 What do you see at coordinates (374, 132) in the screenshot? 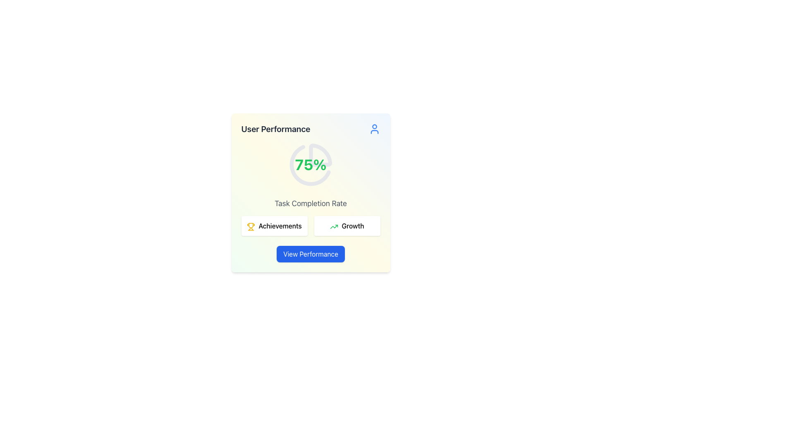
I see `the lower portion of the user profile icon located in the right-top corner of the panel displaying user performance metrics` at bounding box center [374, 132].